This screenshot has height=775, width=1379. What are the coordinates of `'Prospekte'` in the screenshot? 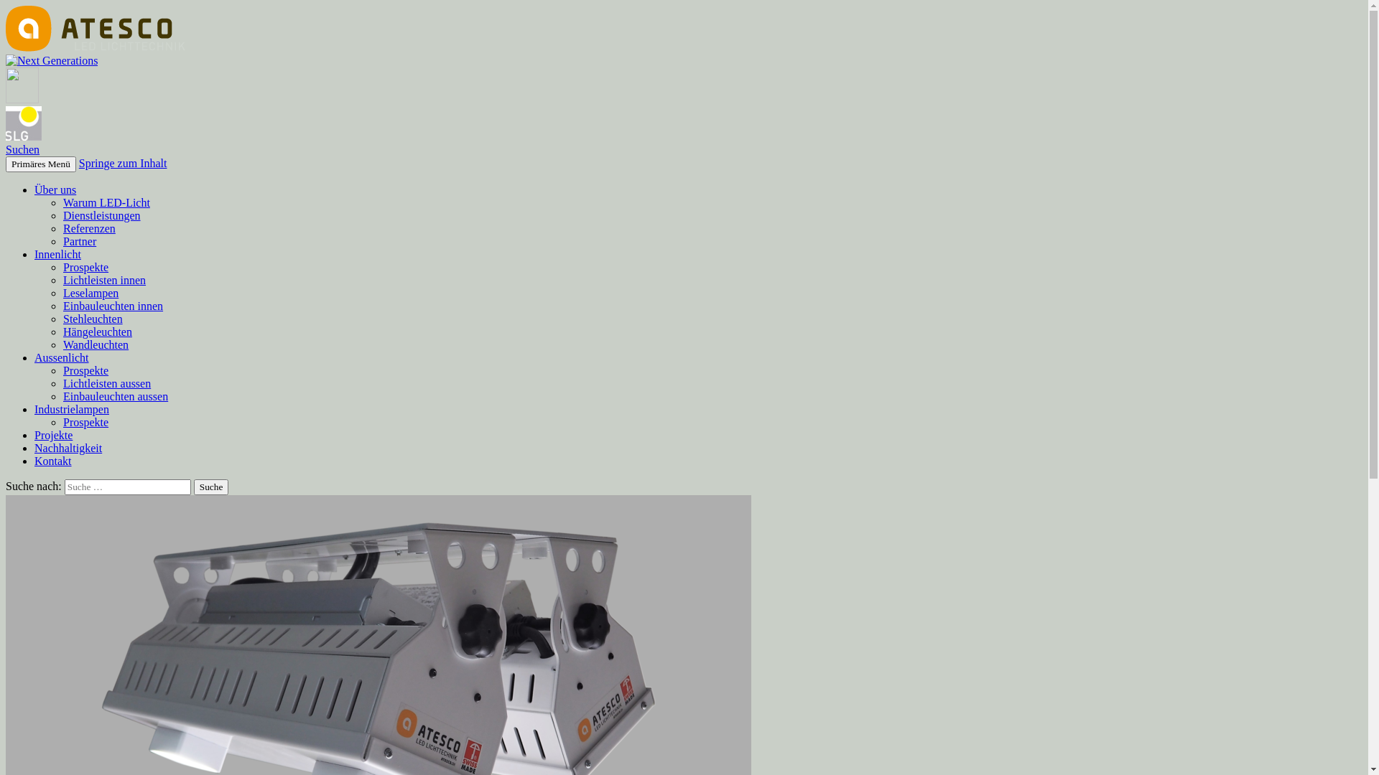 It's located at (62, 370).